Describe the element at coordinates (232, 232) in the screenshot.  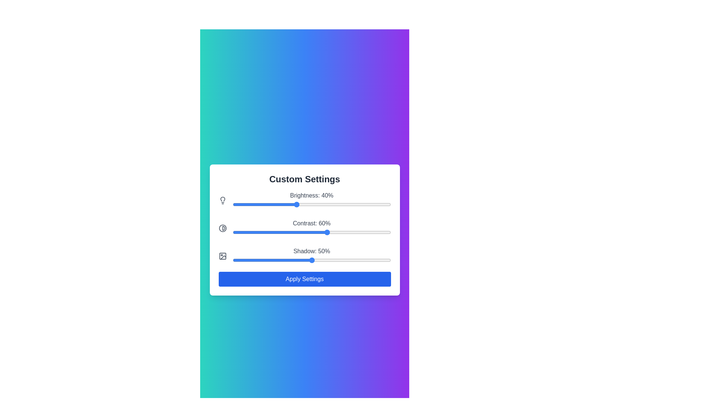
I see `the contrast slider to 0%` at that location.